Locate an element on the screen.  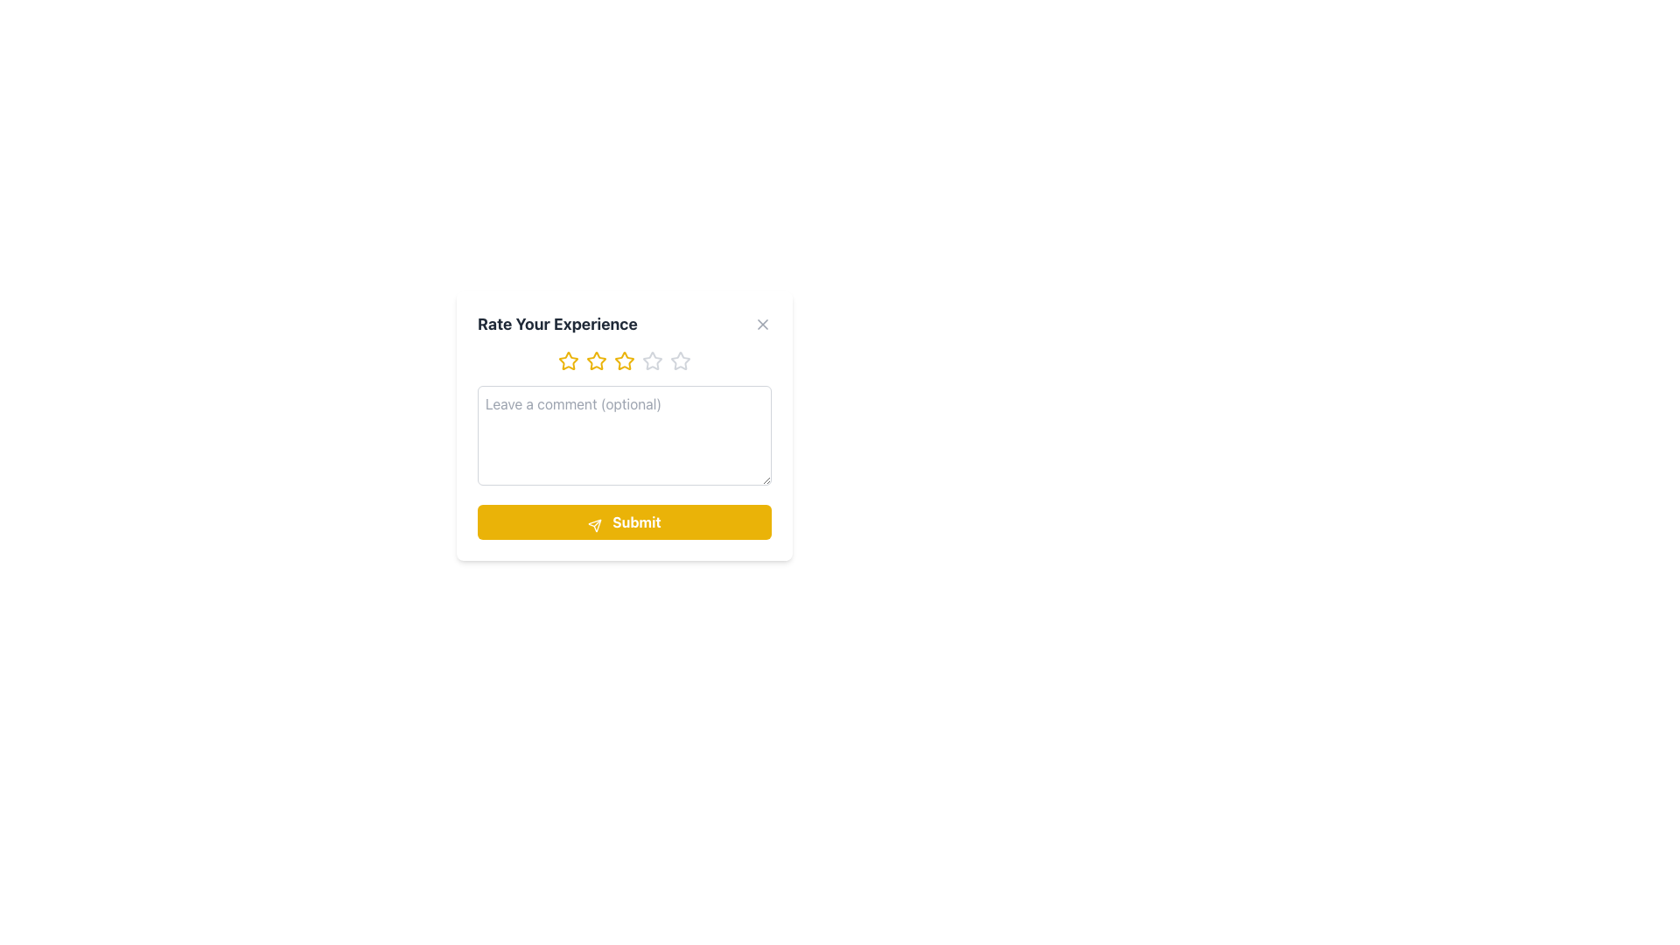
the paper airplane icon within the 'Submit' button located at the bottom center of the interface is located at coordinates (595, 525).